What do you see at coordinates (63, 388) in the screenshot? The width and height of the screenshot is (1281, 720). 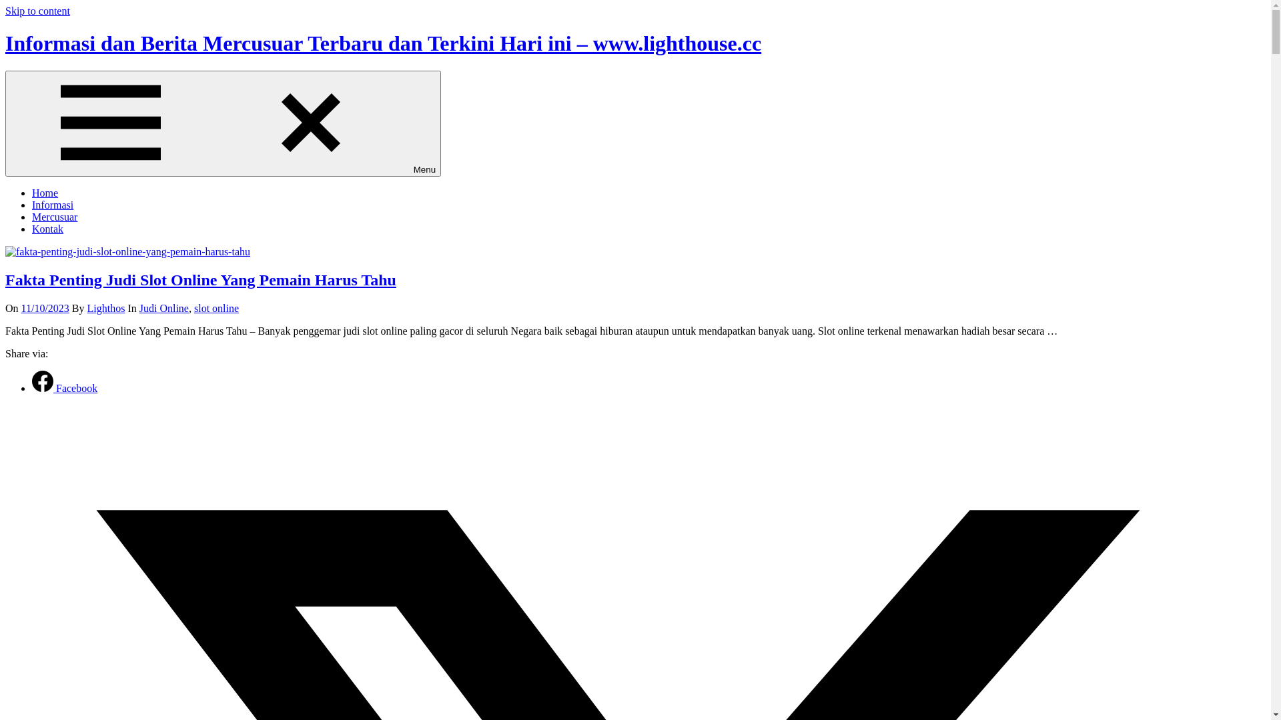 I see `'Facebook'` at bounding box center [63, 388].